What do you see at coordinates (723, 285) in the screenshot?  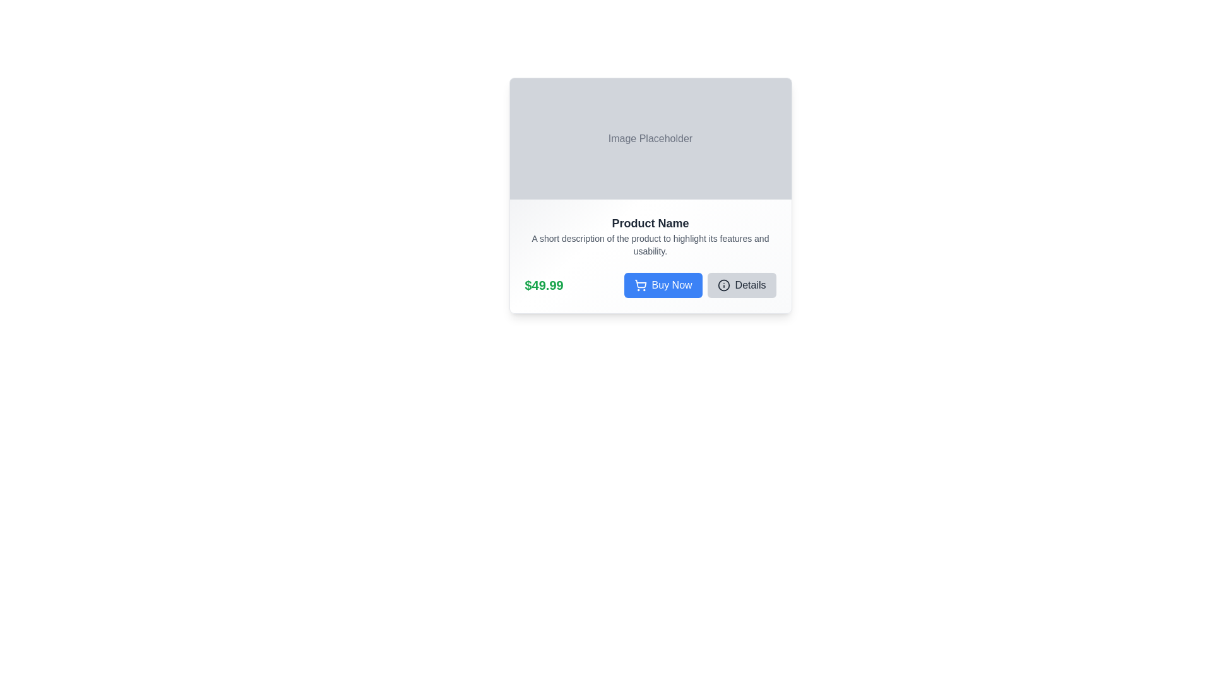 I see `the SVG circle element, which is a circular shape with a radius of 10 units and is styled without any visible fill, located within a product card feature in the user interface` at bounding box center [723, 285].